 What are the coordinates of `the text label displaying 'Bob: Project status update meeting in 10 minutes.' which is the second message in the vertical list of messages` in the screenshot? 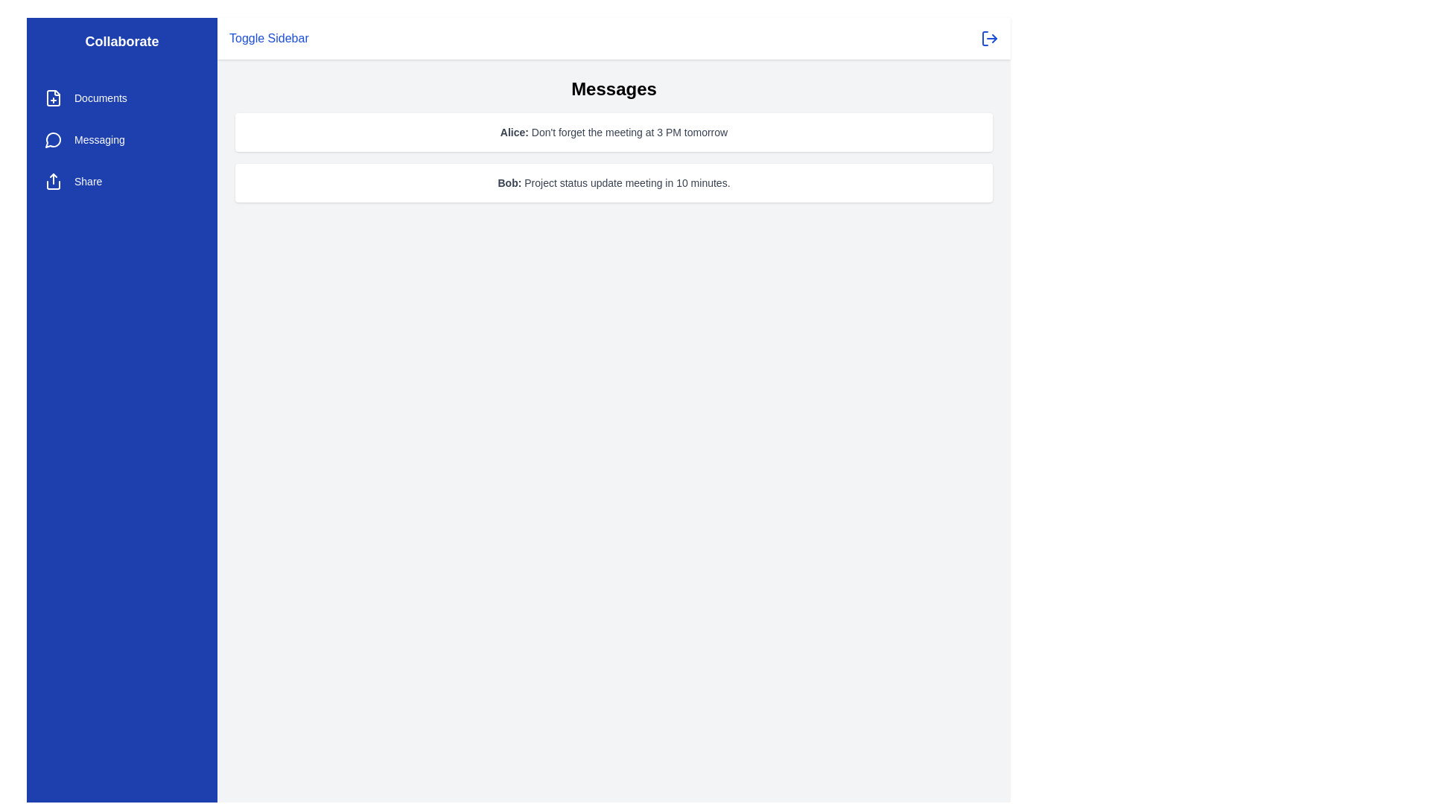 It's located at (614, 182).